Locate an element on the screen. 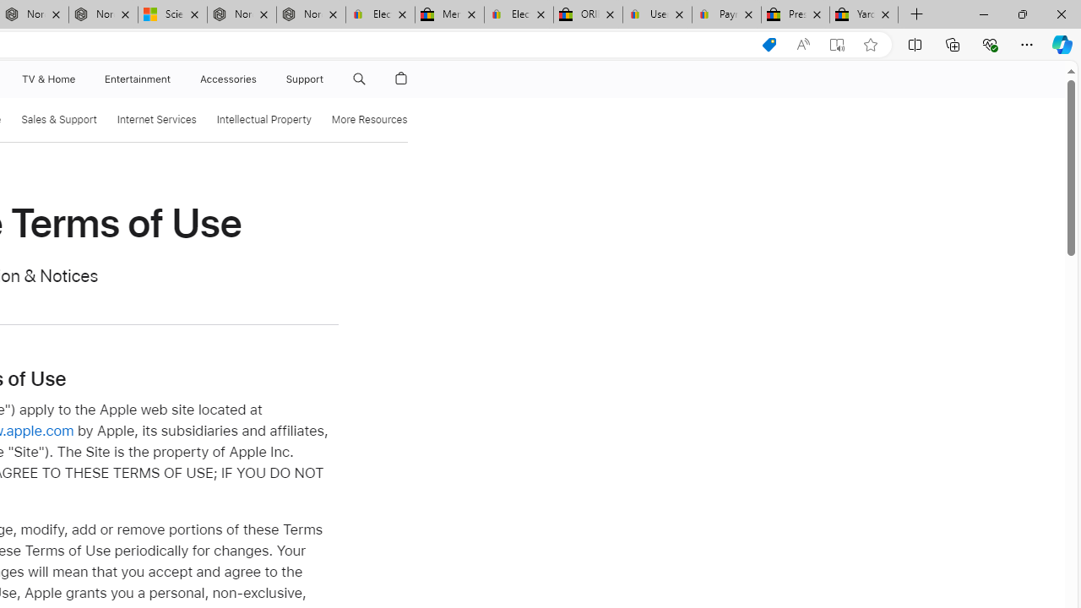 This screenshot has height=608, width=1081. 'Support' is located at coordinates (305, 79).